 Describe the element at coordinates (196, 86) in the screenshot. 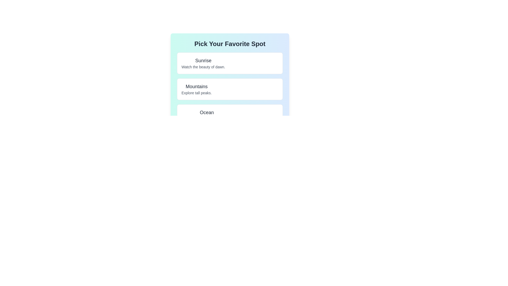

I see `the text element displaying the word 'Mountains', which is styled in a larger, bold, dark gray font, and is positioned centrally between the sections labeled 'Sunrise' and 'Ocean'` at that location.